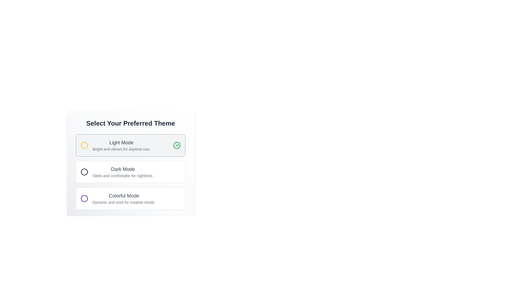  Describe the element at coordinates (123, 202) in the screenshot. I see `the descriptive text 'Dynamic and vivid for creative minds.' which is styled in a smaller gray font, located within the third card of the theme selection interface, below the title 'Colorful Mode.'` at that location.